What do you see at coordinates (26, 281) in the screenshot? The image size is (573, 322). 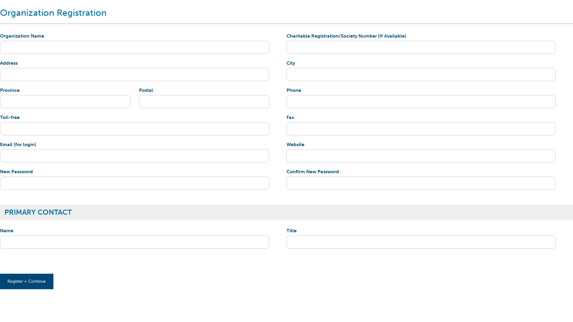 I see `'Register + Continue'` at bounding box center [26, 281].